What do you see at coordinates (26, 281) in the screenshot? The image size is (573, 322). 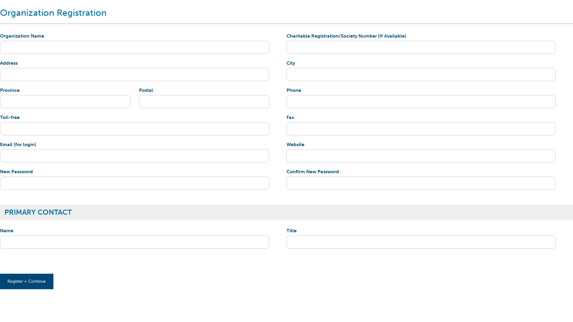 I see `'Register + Continue'` at bounding box center [26, 281].